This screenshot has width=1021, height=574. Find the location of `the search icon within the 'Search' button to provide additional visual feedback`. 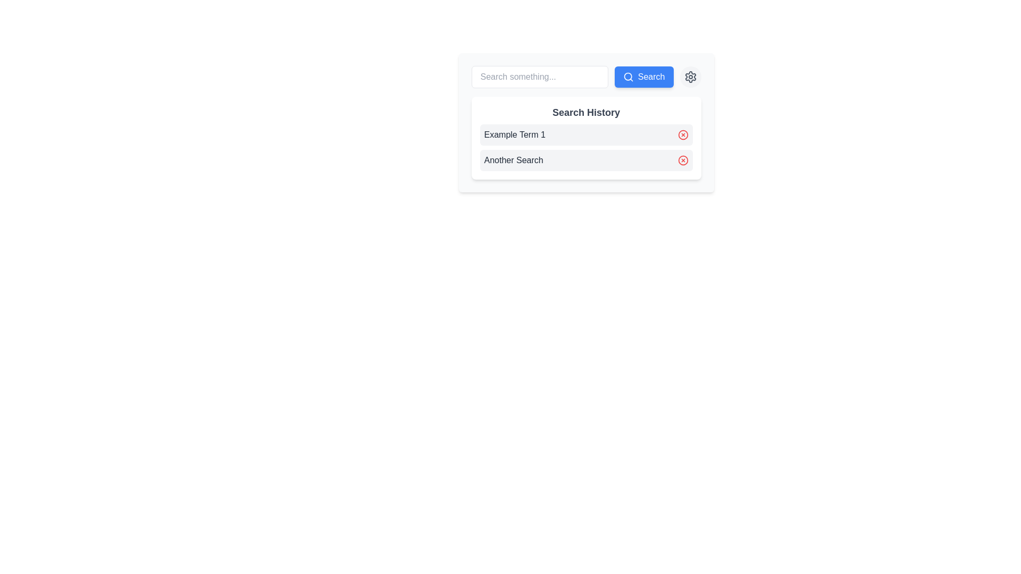

the search icon within the 'Search' button to provide additional visual feedback is located at coordinates (628, 77).